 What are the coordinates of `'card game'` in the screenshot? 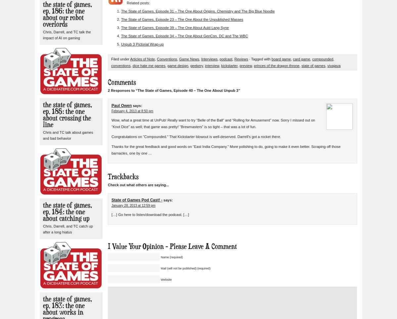 It's located at (301, 59).